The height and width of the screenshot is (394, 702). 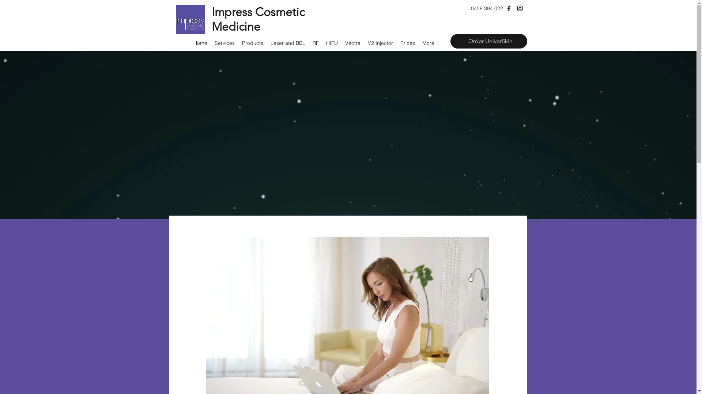 What do you see at coordinates (450, 41) in the screenshot?
I see `'Order UniverSkin'` at bounding box center [450, 41].